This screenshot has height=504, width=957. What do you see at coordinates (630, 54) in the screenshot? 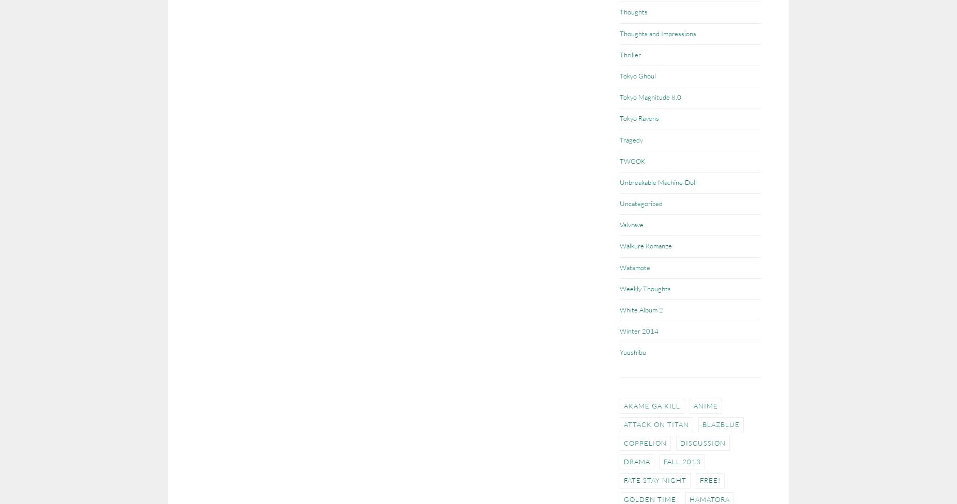
I see `'Thriller'` at bounding box center [630, 54].